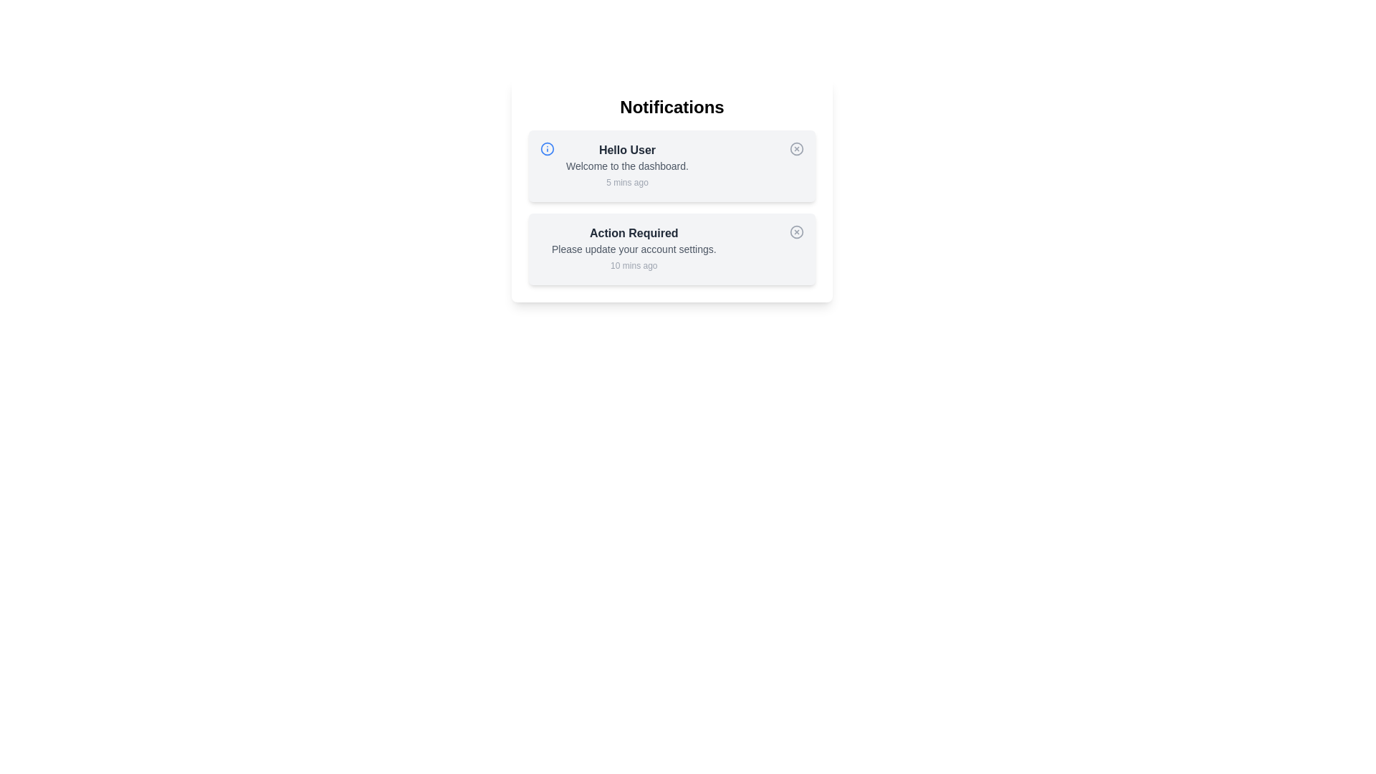 The image size is (1376, 774). What do you see at coordinates (796, 231) in the screenshot?
I see `the dismissal button located at the top-right corner of the 'Action Required' notification card` at bounding box center [796, 231].